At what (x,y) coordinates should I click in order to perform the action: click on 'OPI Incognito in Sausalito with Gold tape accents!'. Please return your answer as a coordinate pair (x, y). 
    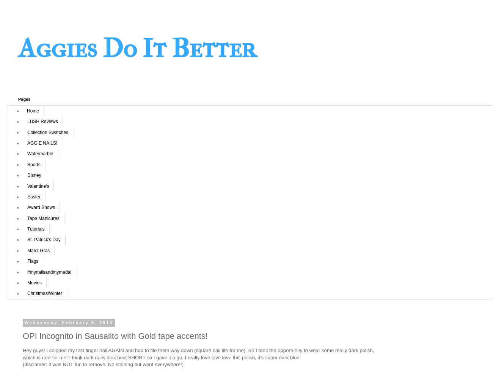
    Looking at the image, I should click on (115, 336).